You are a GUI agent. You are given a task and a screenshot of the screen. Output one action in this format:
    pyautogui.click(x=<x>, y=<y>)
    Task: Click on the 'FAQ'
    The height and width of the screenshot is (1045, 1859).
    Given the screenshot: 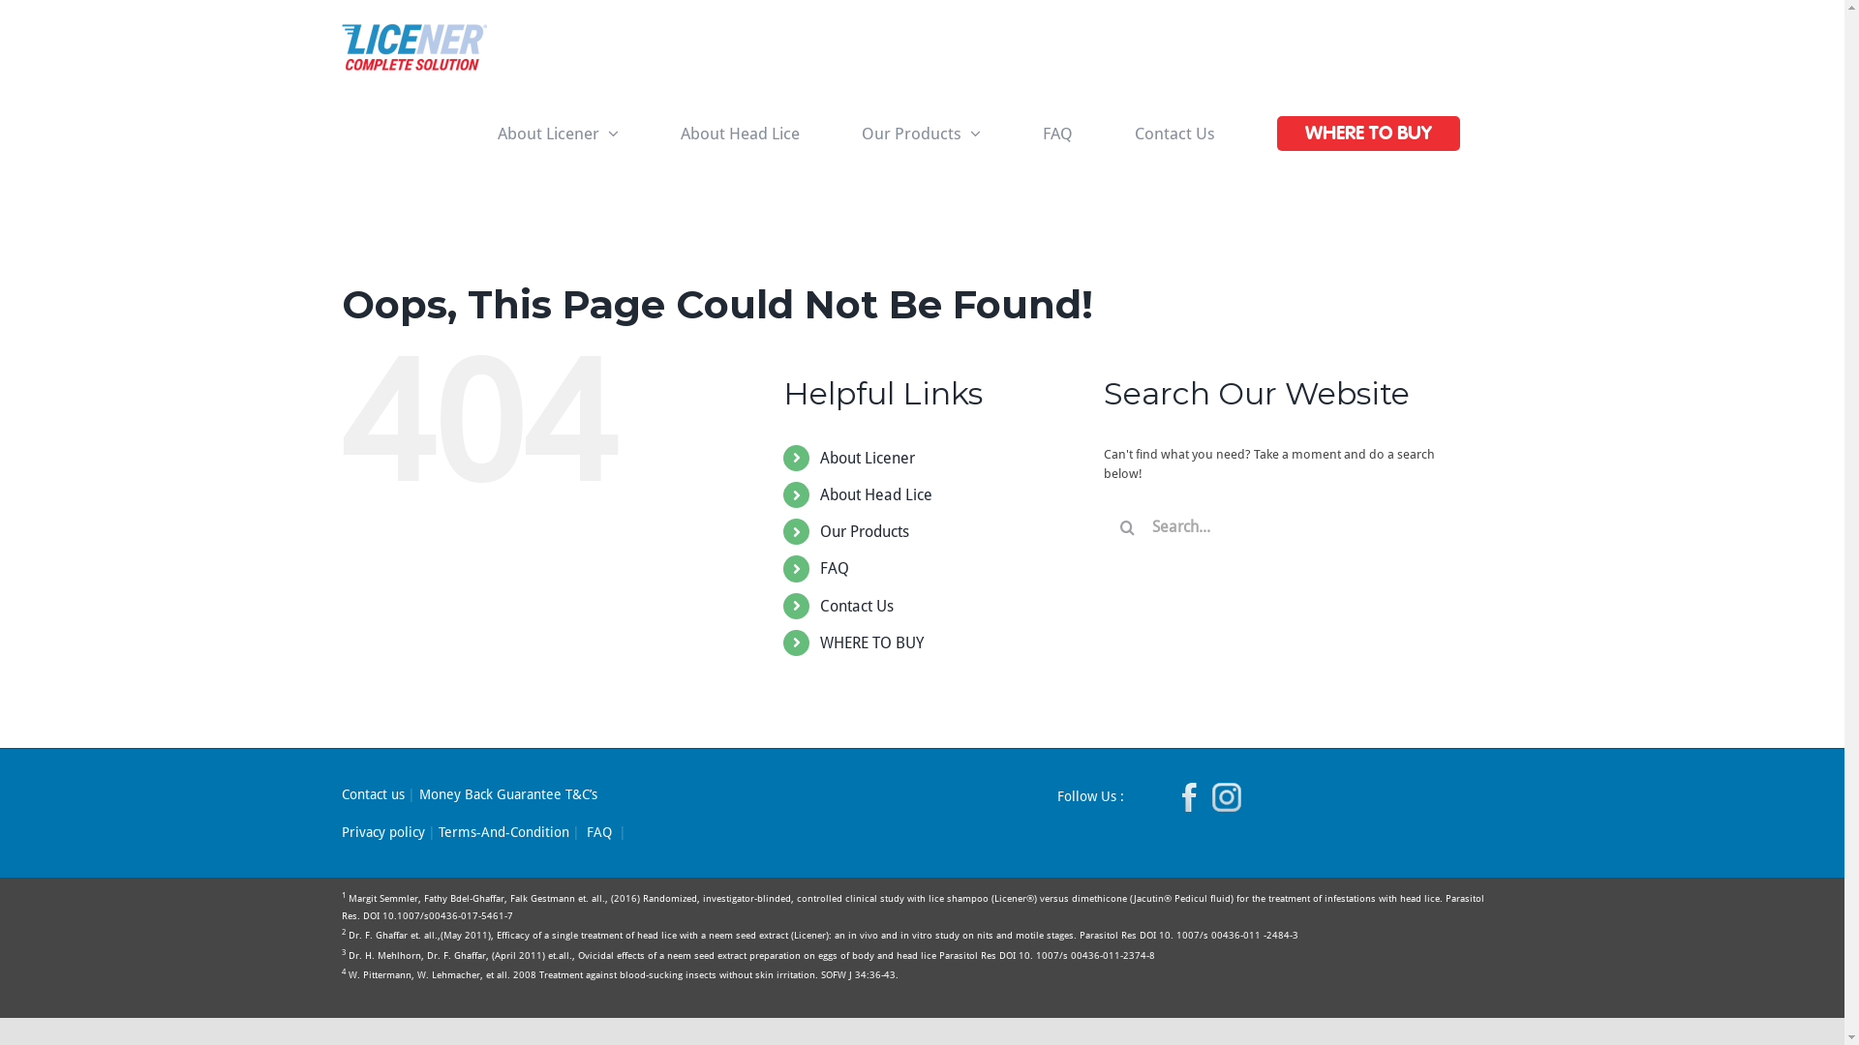 What is the action you would take?
    pyautogui.click(x=835, y=567)
    